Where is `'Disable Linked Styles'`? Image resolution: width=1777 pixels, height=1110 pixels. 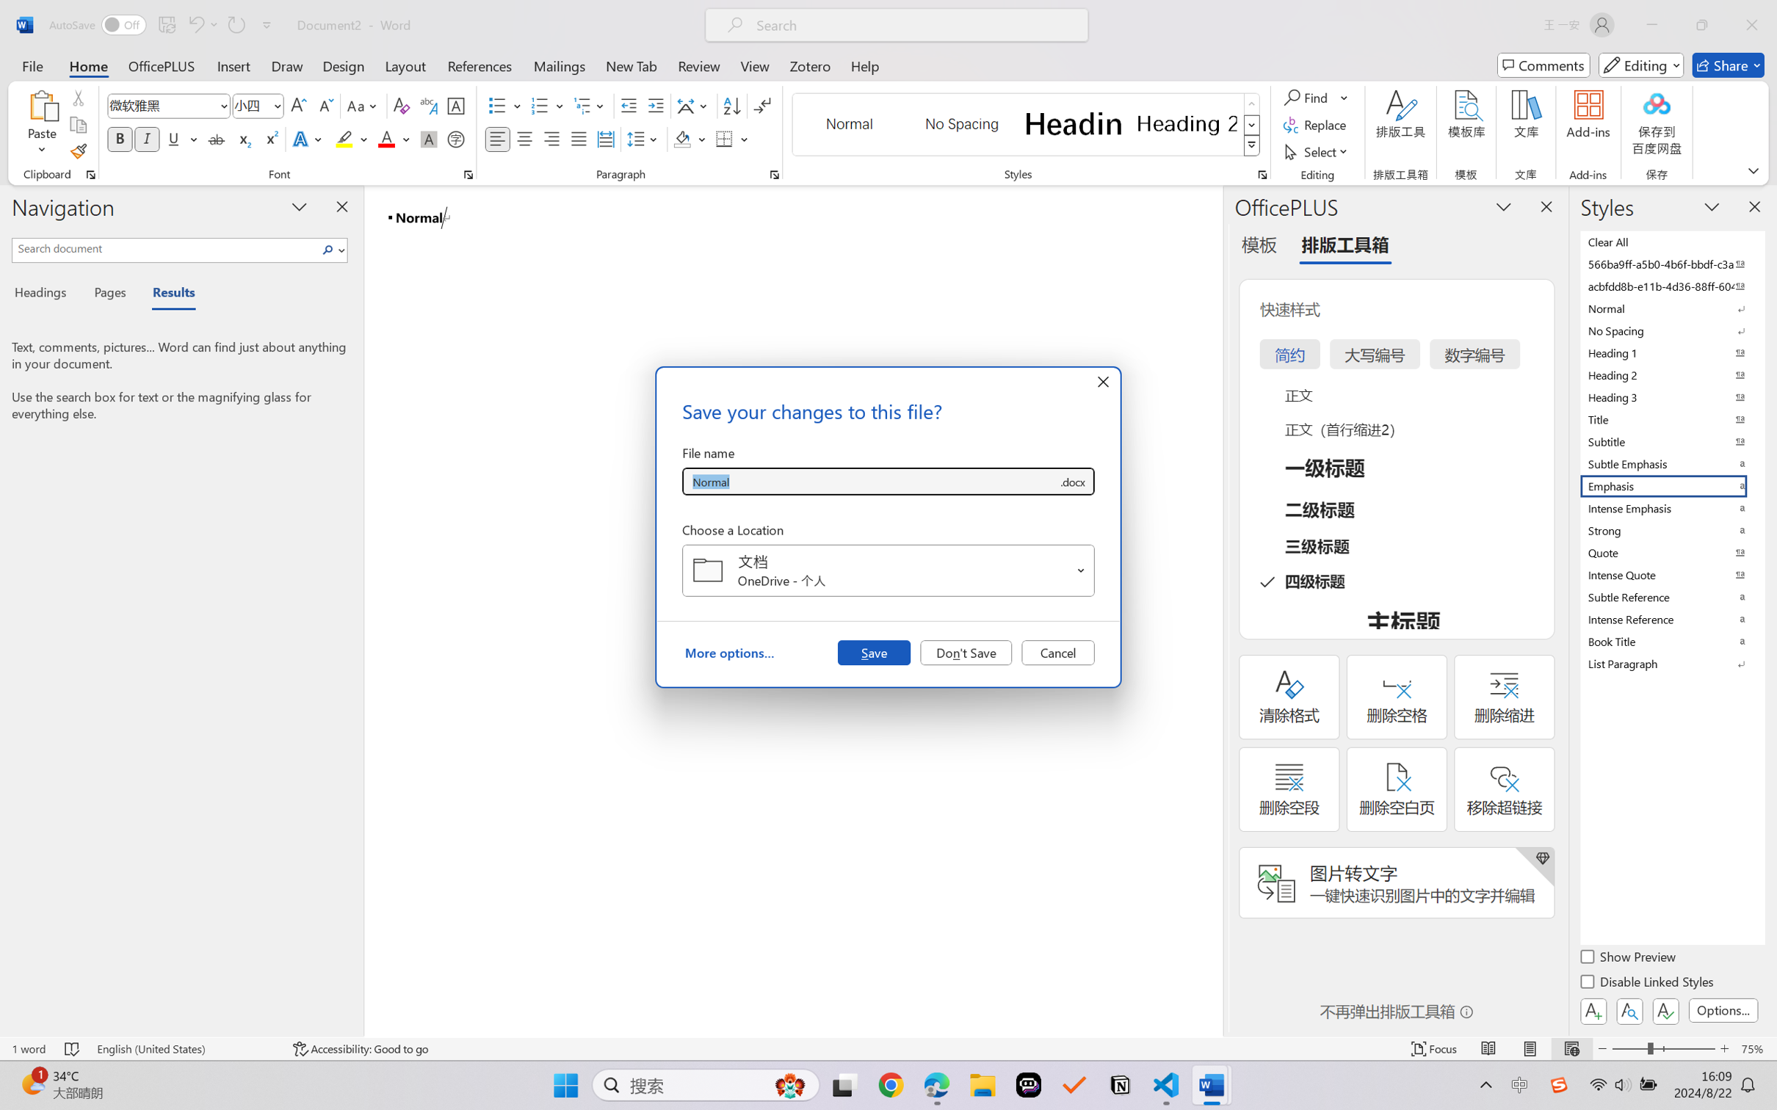
'Disable Linked Styles' is located at coordinates (1647, 983).